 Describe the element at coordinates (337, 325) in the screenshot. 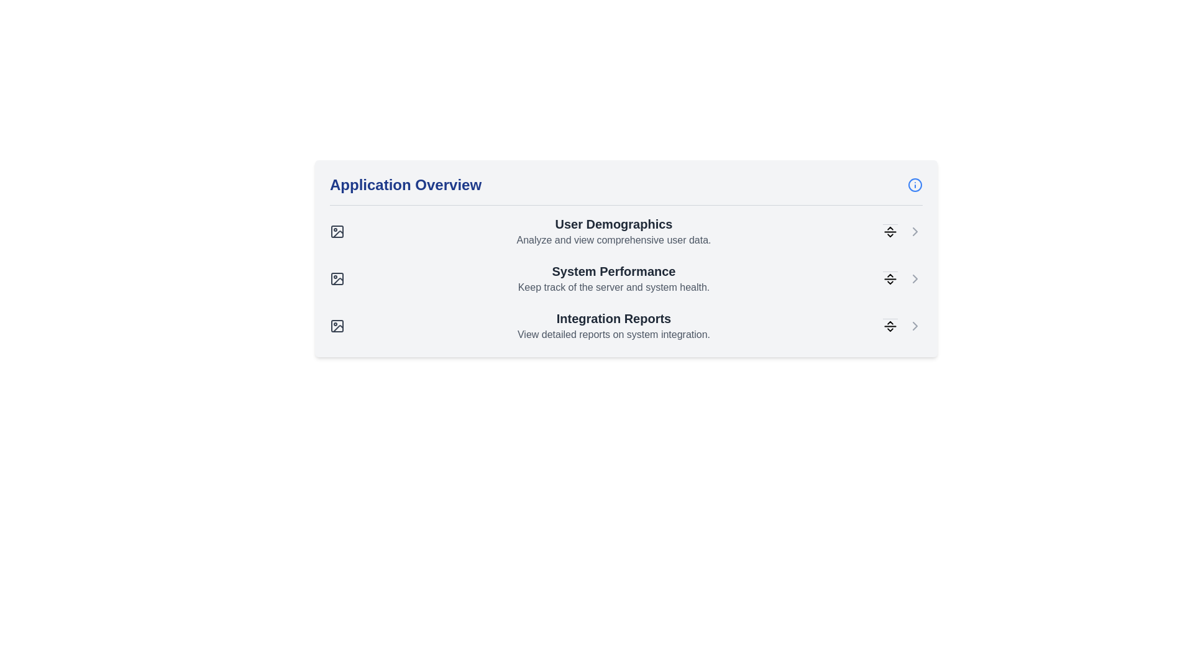

I see `the icon located to the left of the 'Integration Reports' text in the third row` at that location.